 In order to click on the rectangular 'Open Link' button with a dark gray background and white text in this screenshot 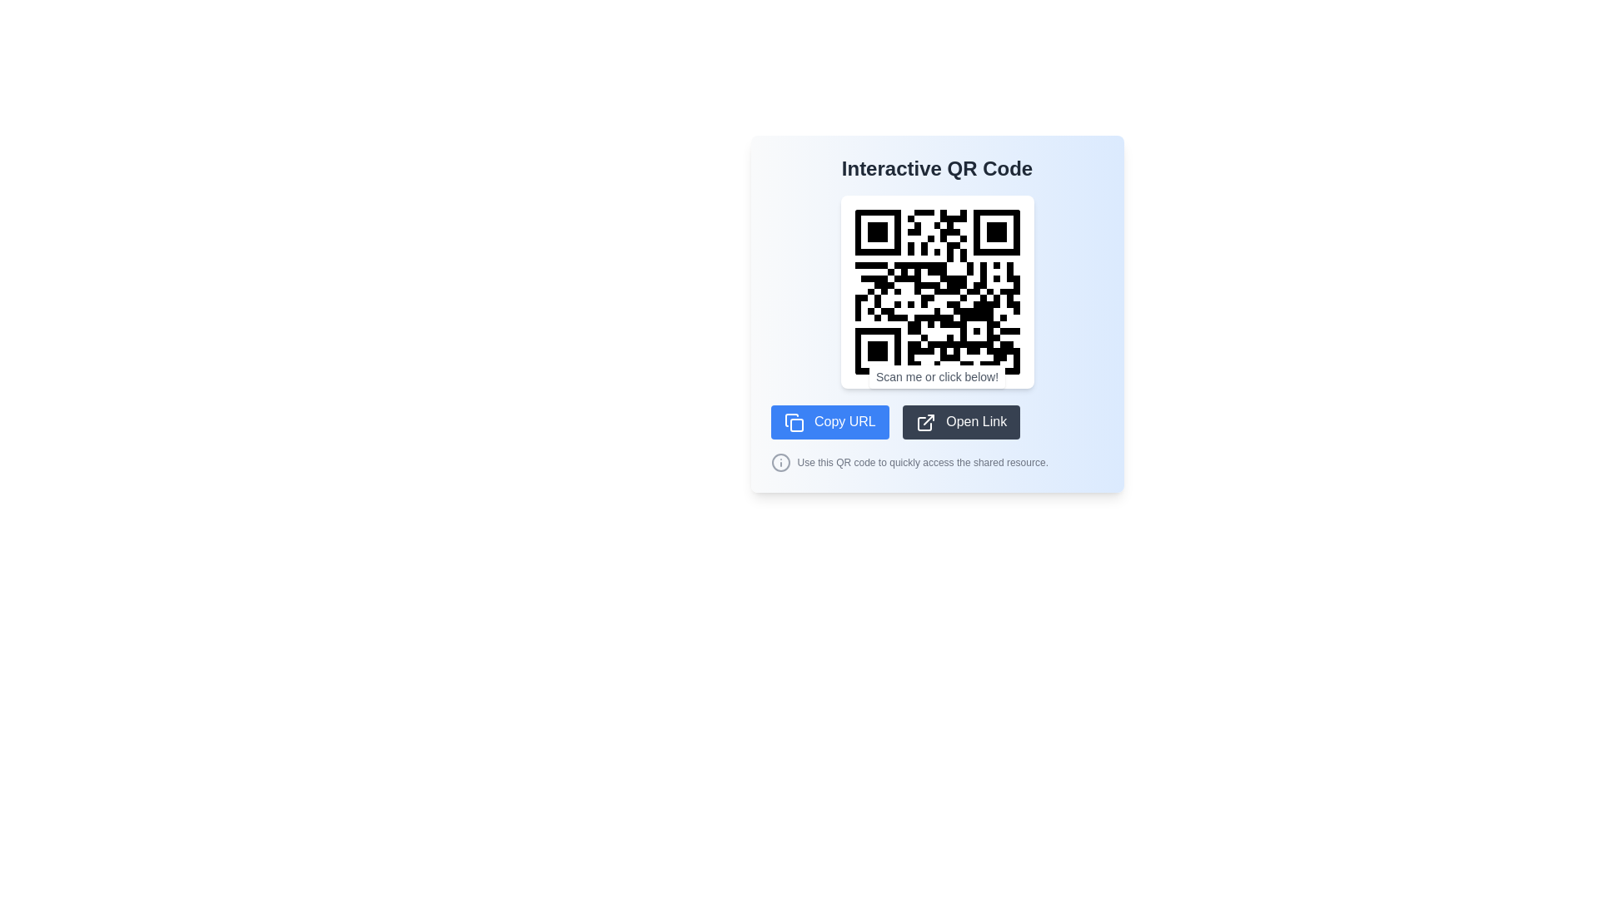, I will do `click(961, 421)`.